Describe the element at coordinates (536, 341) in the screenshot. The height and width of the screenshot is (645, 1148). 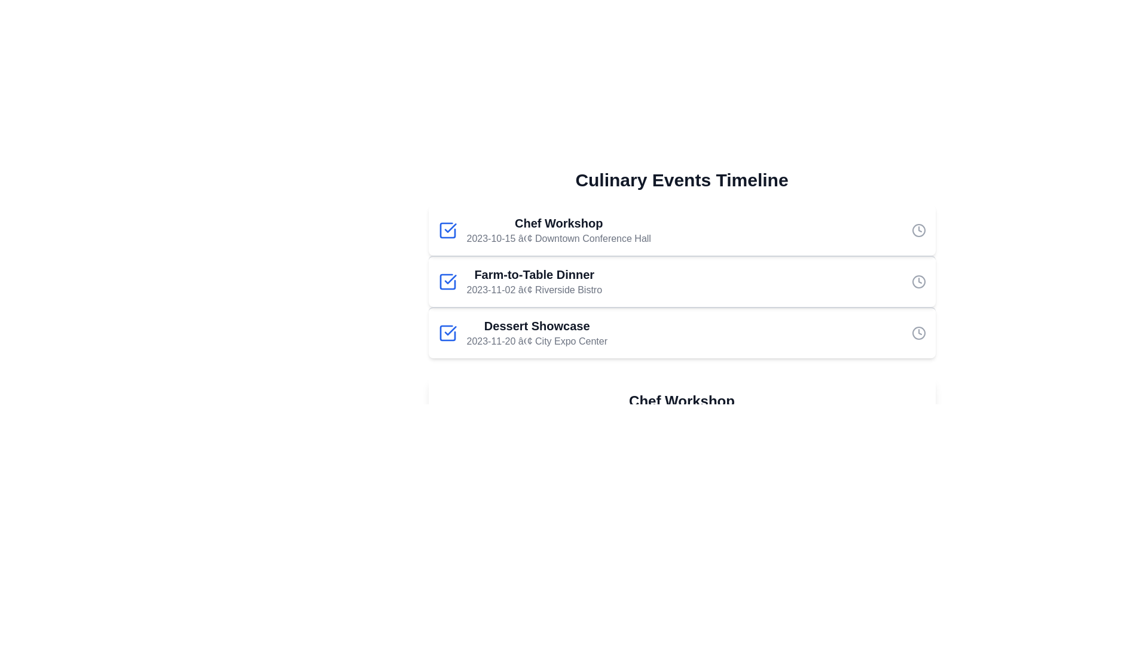
I see `date and venue information from the text label that displays '2023-11-20 • City Expo Center', which is located beneath the bold title 'Dessert Showcase'` at that location.